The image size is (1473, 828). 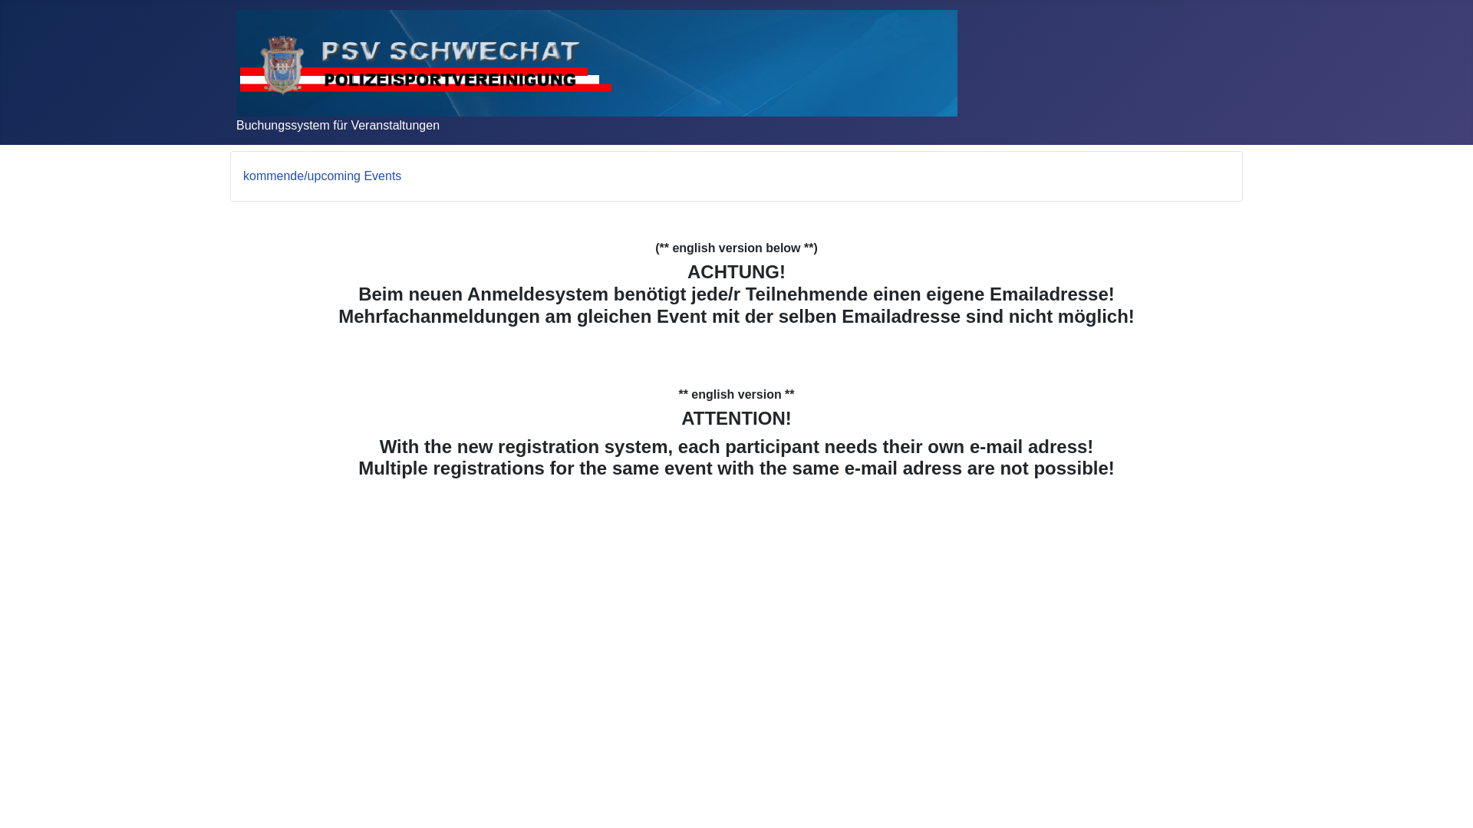 I want to click on 'kommende/upcoming Events', so click(x=321, y=175).